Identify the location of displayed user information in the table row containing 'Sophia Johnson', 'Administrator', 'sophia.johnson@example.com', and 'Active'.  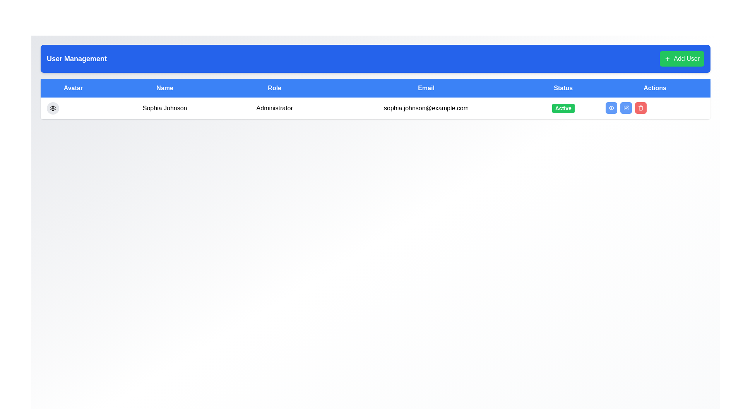
(375, 108).